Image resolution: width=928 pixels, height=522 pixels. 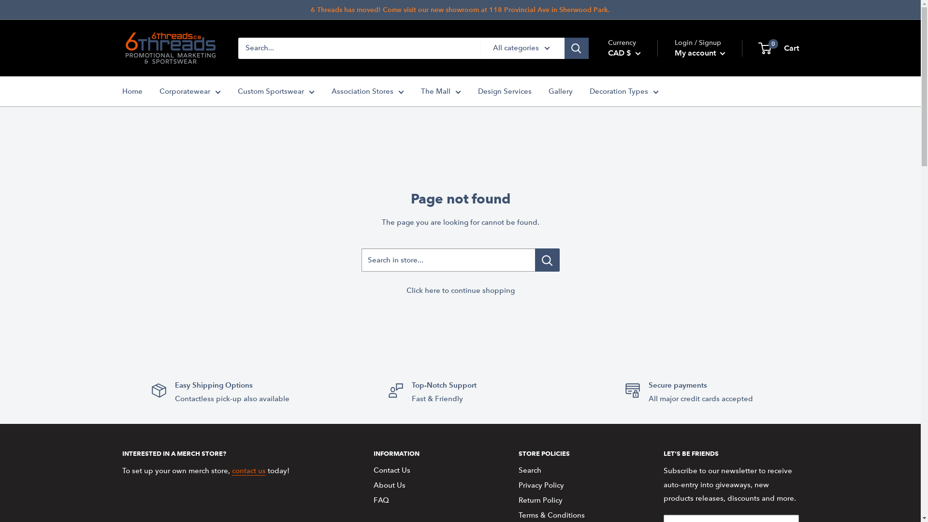 What do you see at coordinates (700, 53) in the screenshot?
I see `'My account'` at bounding box center [700, 53].